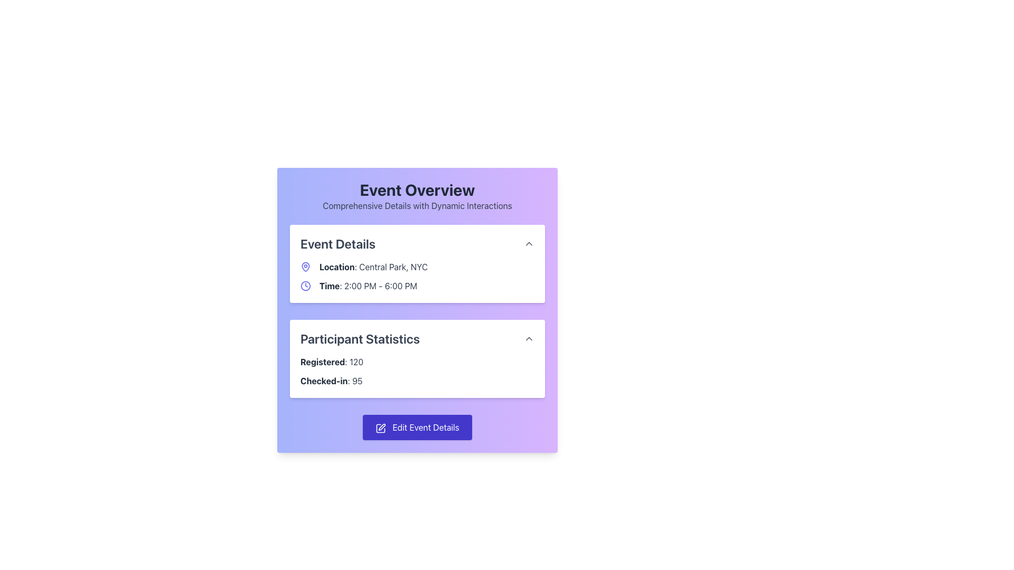 The image size is (1014, 570). What do you see at coordinates (417, 266) in the screenshot?
I see `the Text Label with Icon located in the 'Event Details' section, positioned above the 'Time' detail and below the 'Event Details' heading` at bounding box center [417, 266].